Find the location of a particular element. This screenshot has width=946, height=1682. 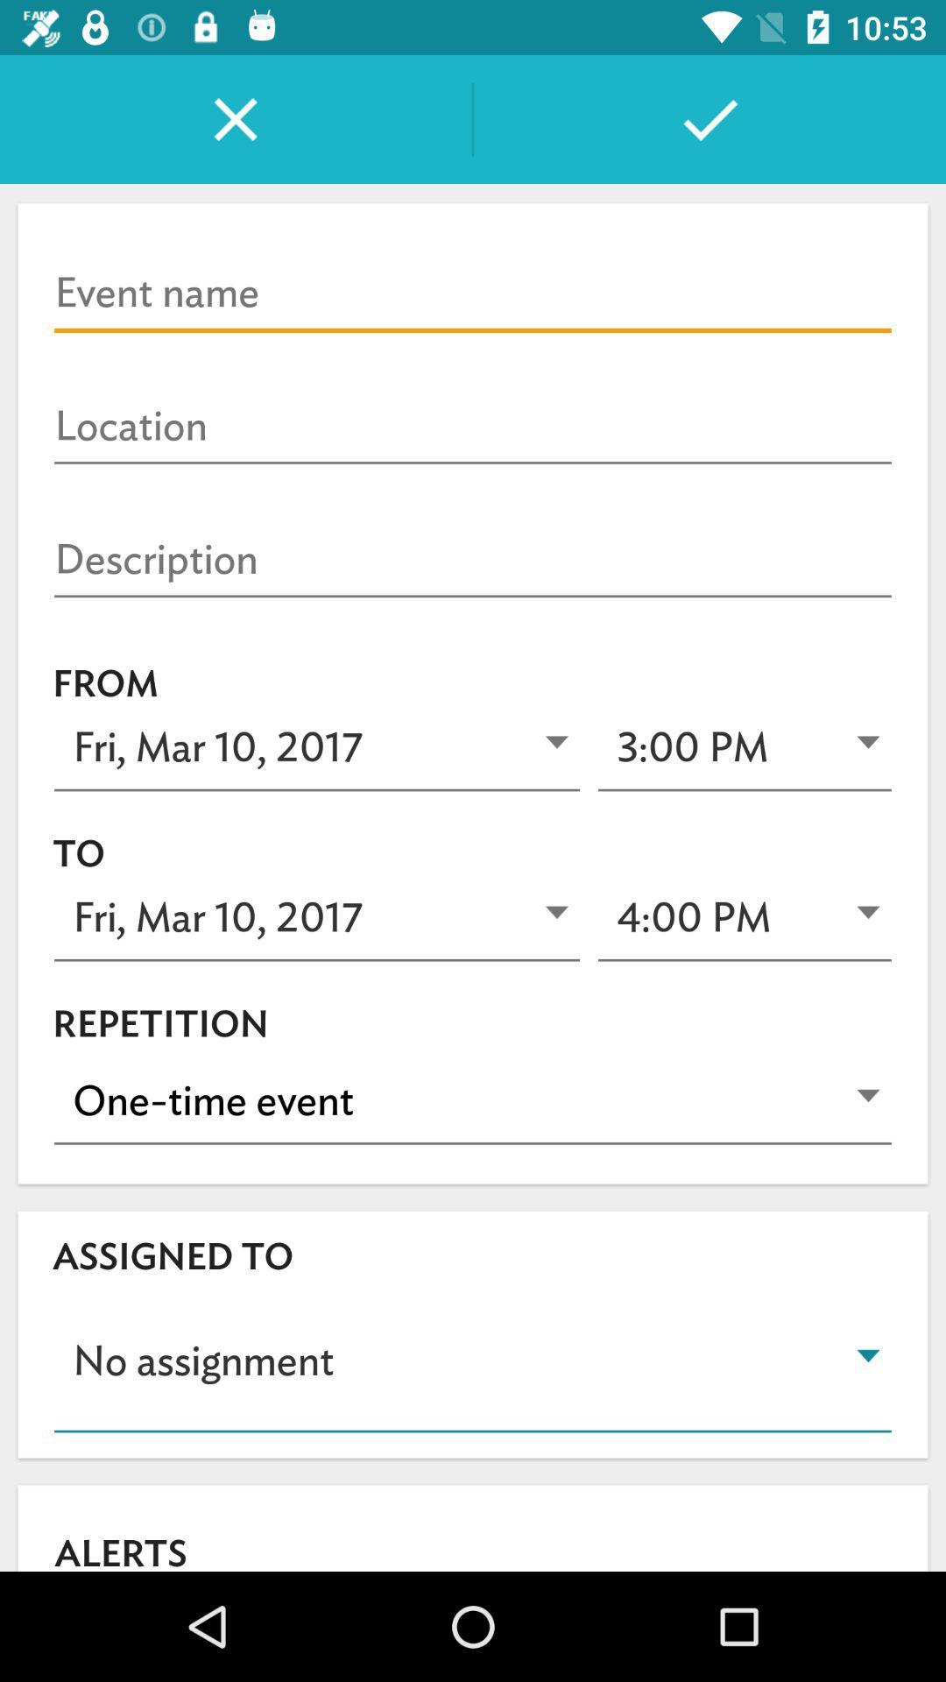

icon below the repetition item is located at coordinates (473, 1100).